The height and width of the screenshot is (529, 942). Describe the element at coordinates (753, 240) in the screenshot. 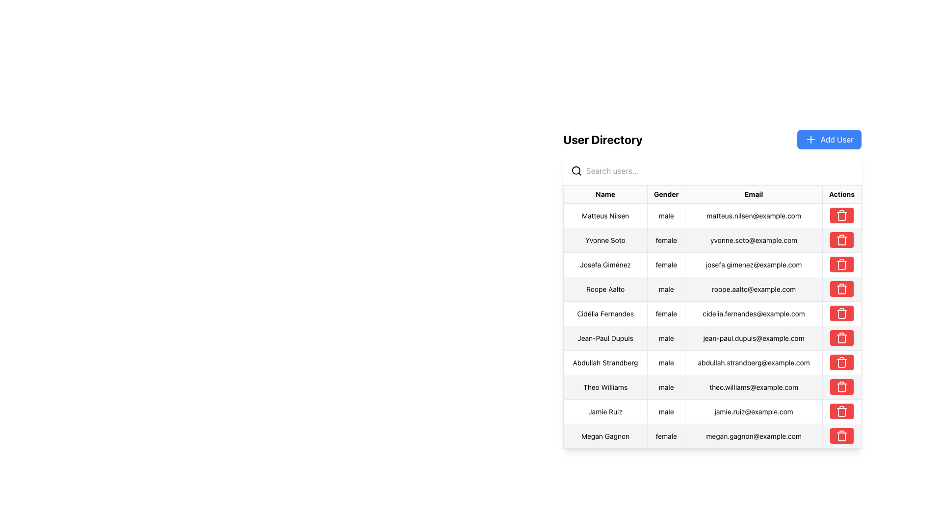

I see `the text display element showing the email address 'yvonne.soto@example.com' in the third column of the table labeled 'Email'` at that location.